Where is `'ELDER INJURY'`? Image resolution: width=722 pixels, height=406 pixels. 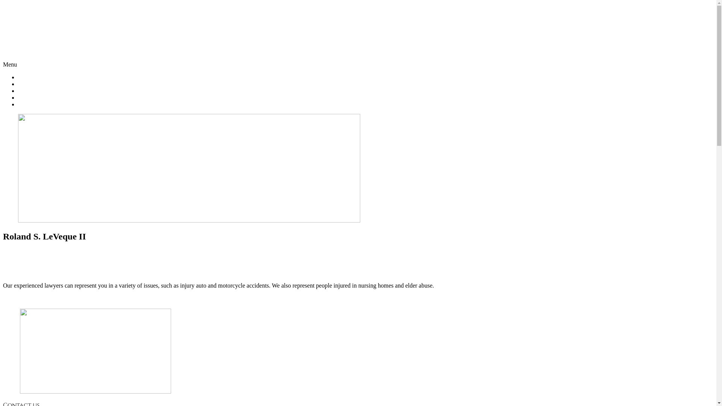 'ELDER INJURY' is located at coordinates (39, 90).